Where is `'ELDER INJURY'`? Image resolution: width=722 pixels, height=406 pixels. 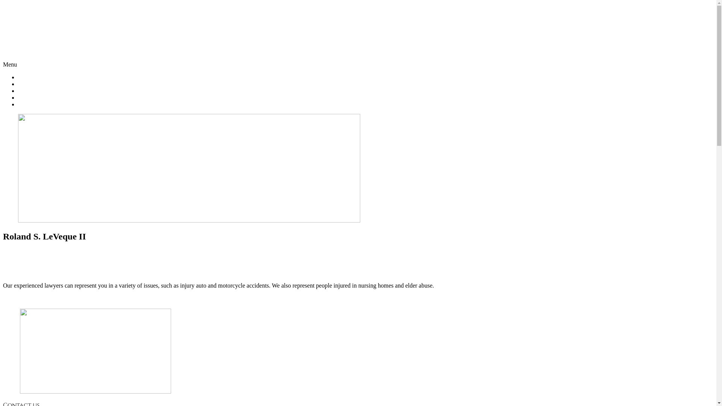 'ELDER INJURY' is located at coordinates (39, 90).